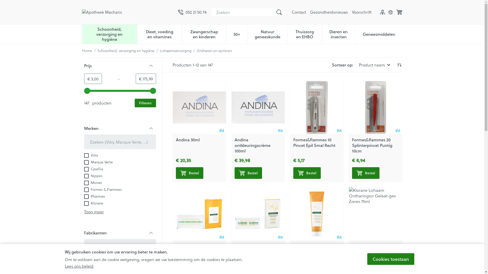  Describe the element at coordinates (192, 12) in the screenshot. I see `'052 21 50 74'` at that location.